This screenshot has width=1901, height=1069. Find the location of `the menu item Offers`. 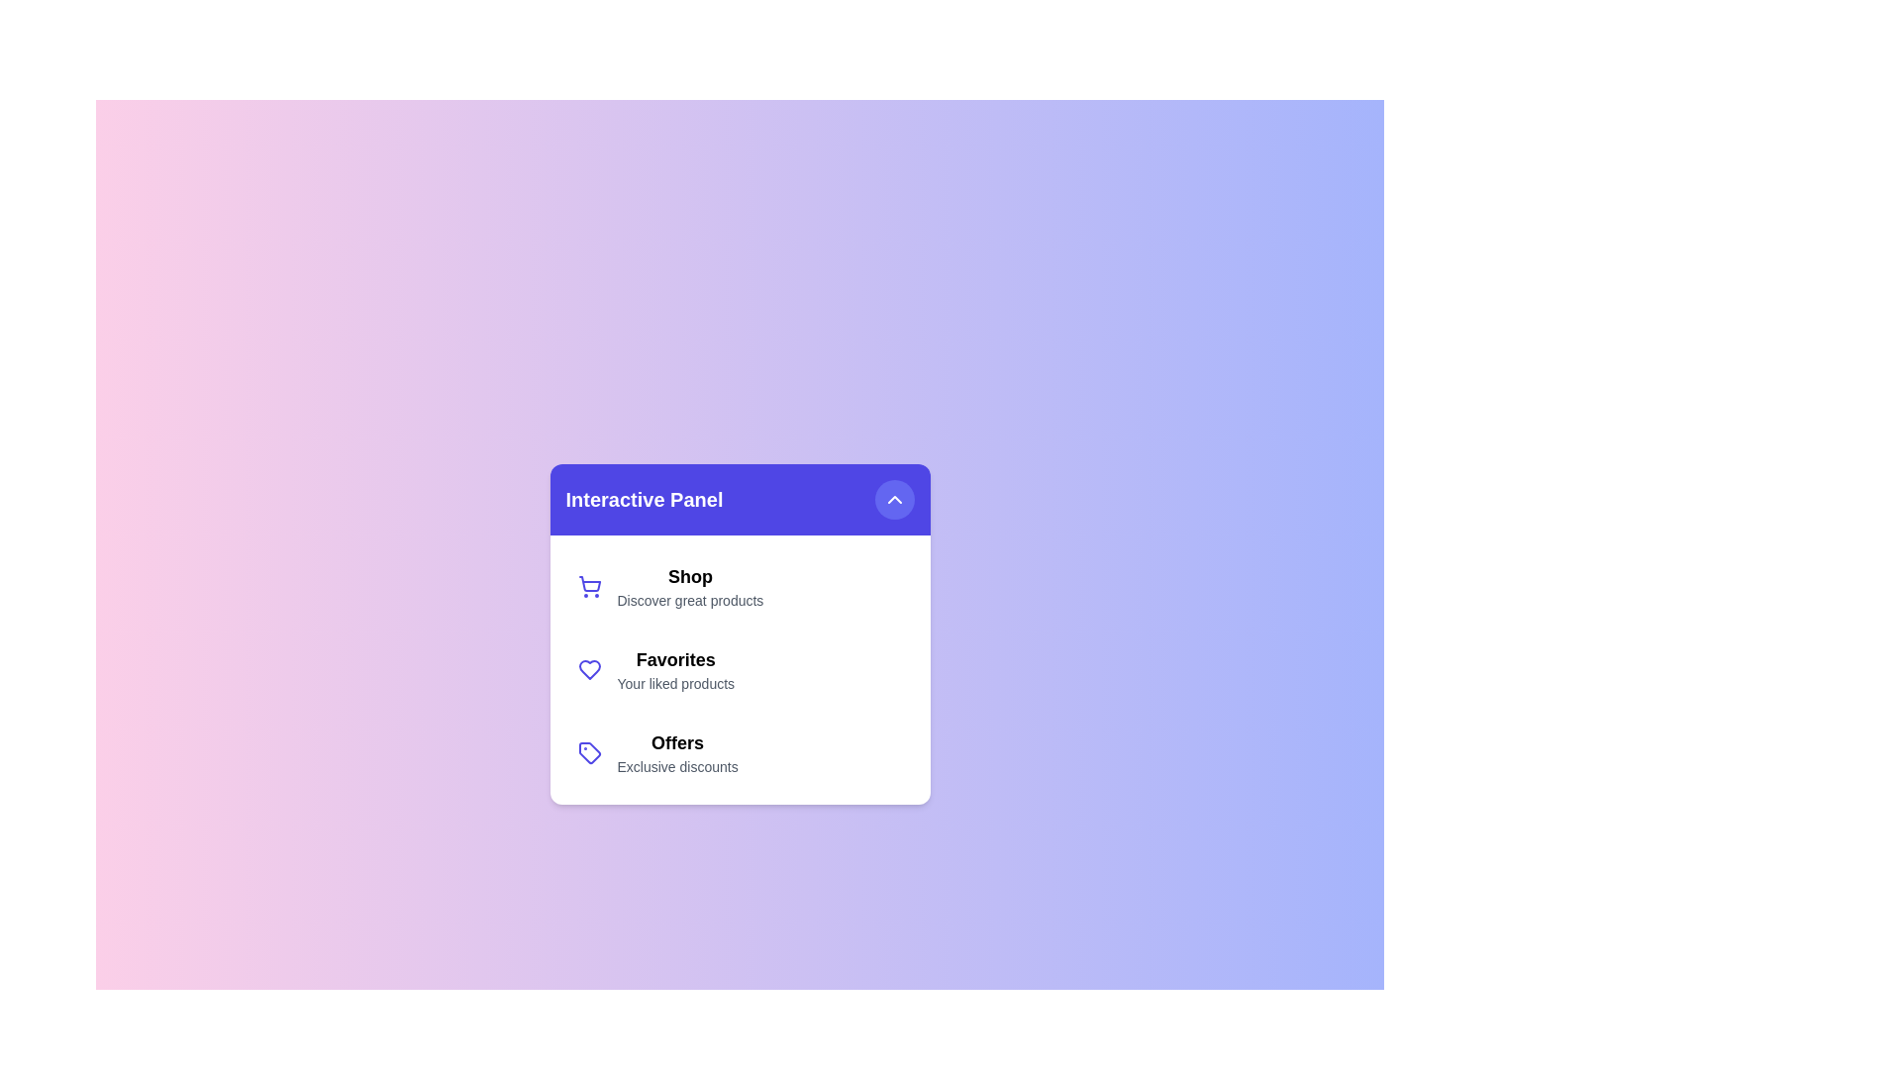

the menu item Offers is located at coordinates (739, 752).